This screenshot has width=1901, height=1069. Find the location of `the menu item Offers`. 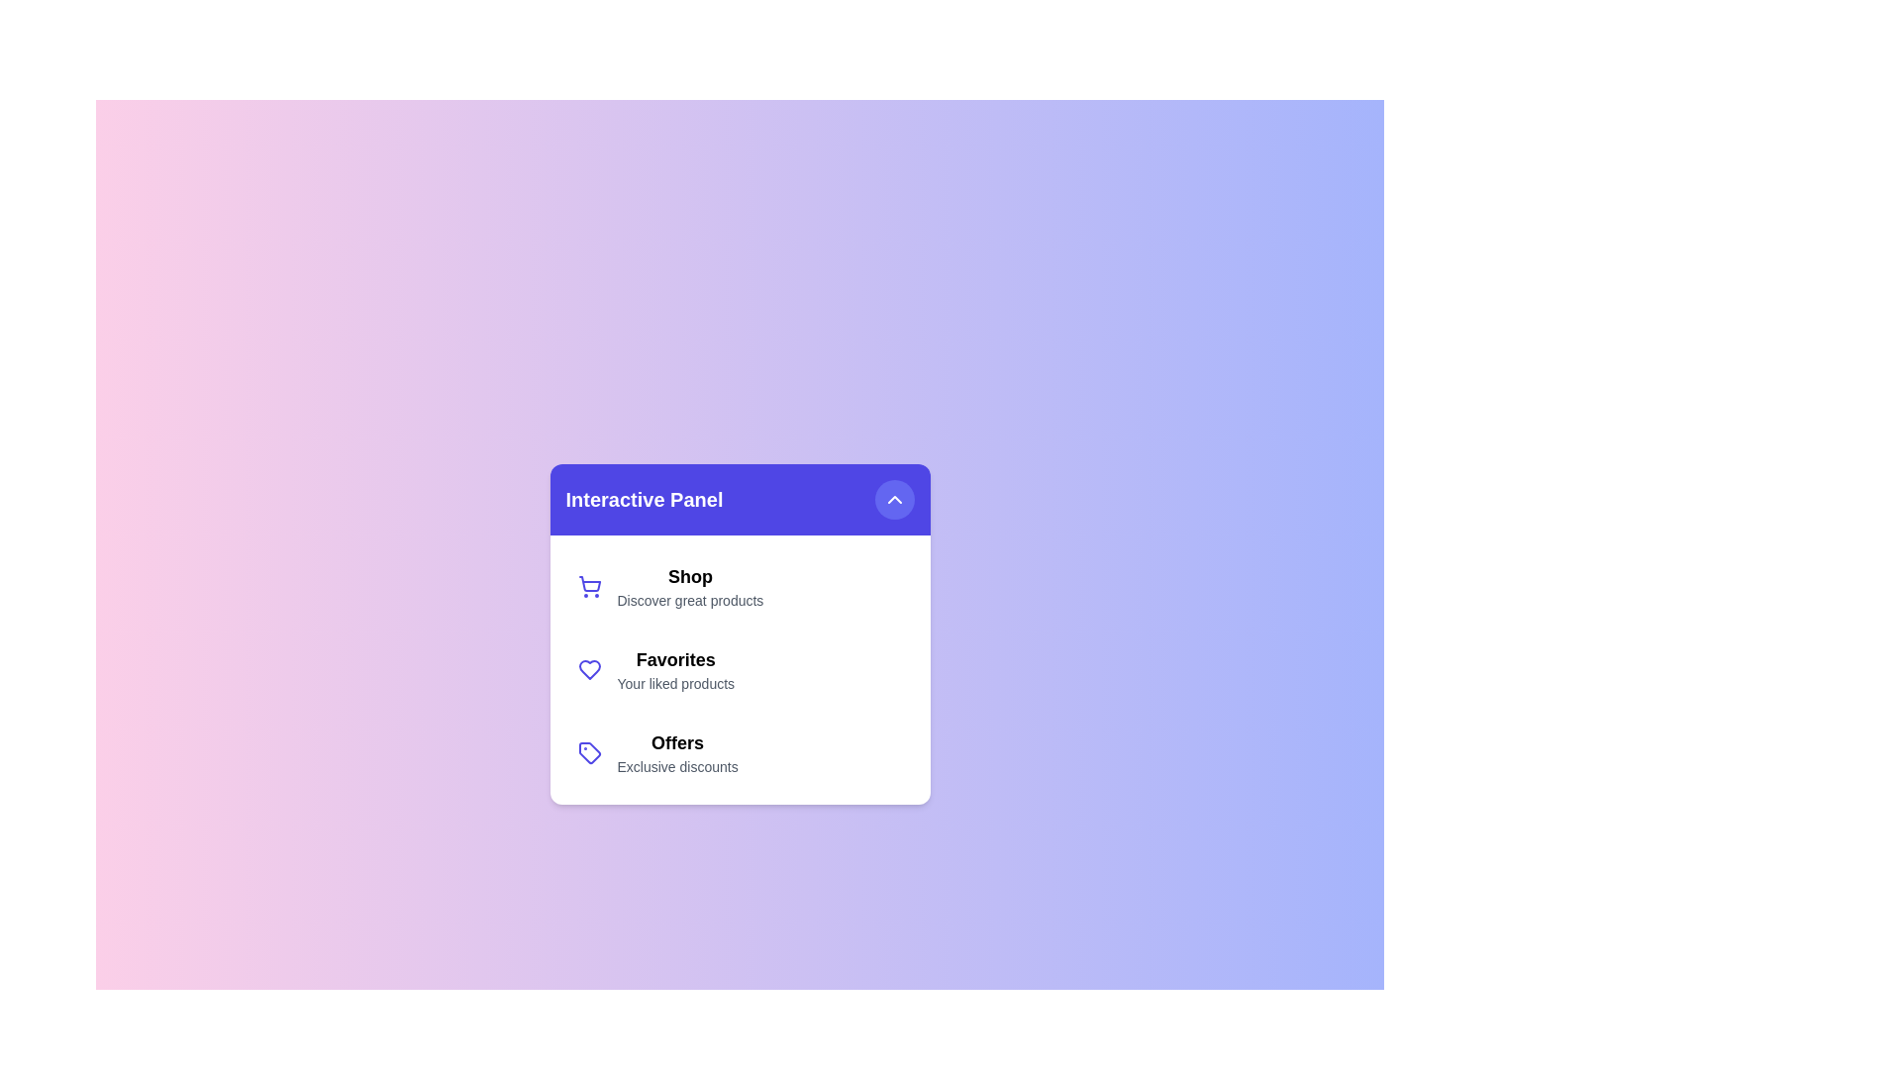

the menu item Offers is located at coordinates (739, 752).